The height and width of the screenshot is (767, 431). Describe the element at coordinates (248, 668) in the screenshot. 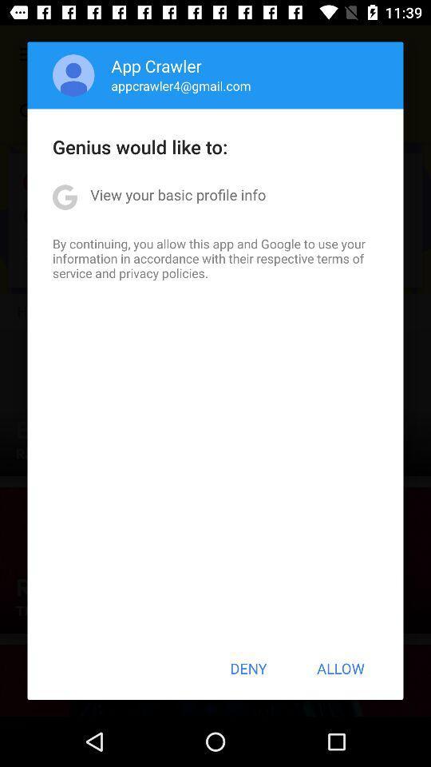

I see `button to the left of the allow icon` at that location.